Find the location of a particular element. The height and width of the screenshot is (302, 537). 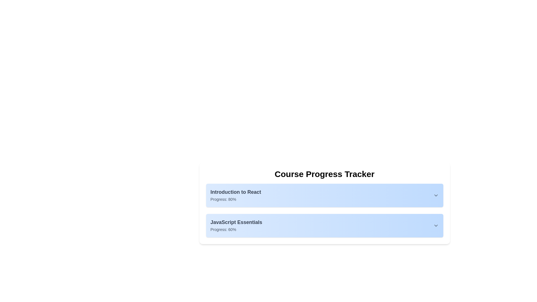

the text label displaying 'JavaScript Essentials' in the course progress tracker, which is the second item in the vertical list and positioned above 'Progress: 60% is located at coordinates (236, 222).